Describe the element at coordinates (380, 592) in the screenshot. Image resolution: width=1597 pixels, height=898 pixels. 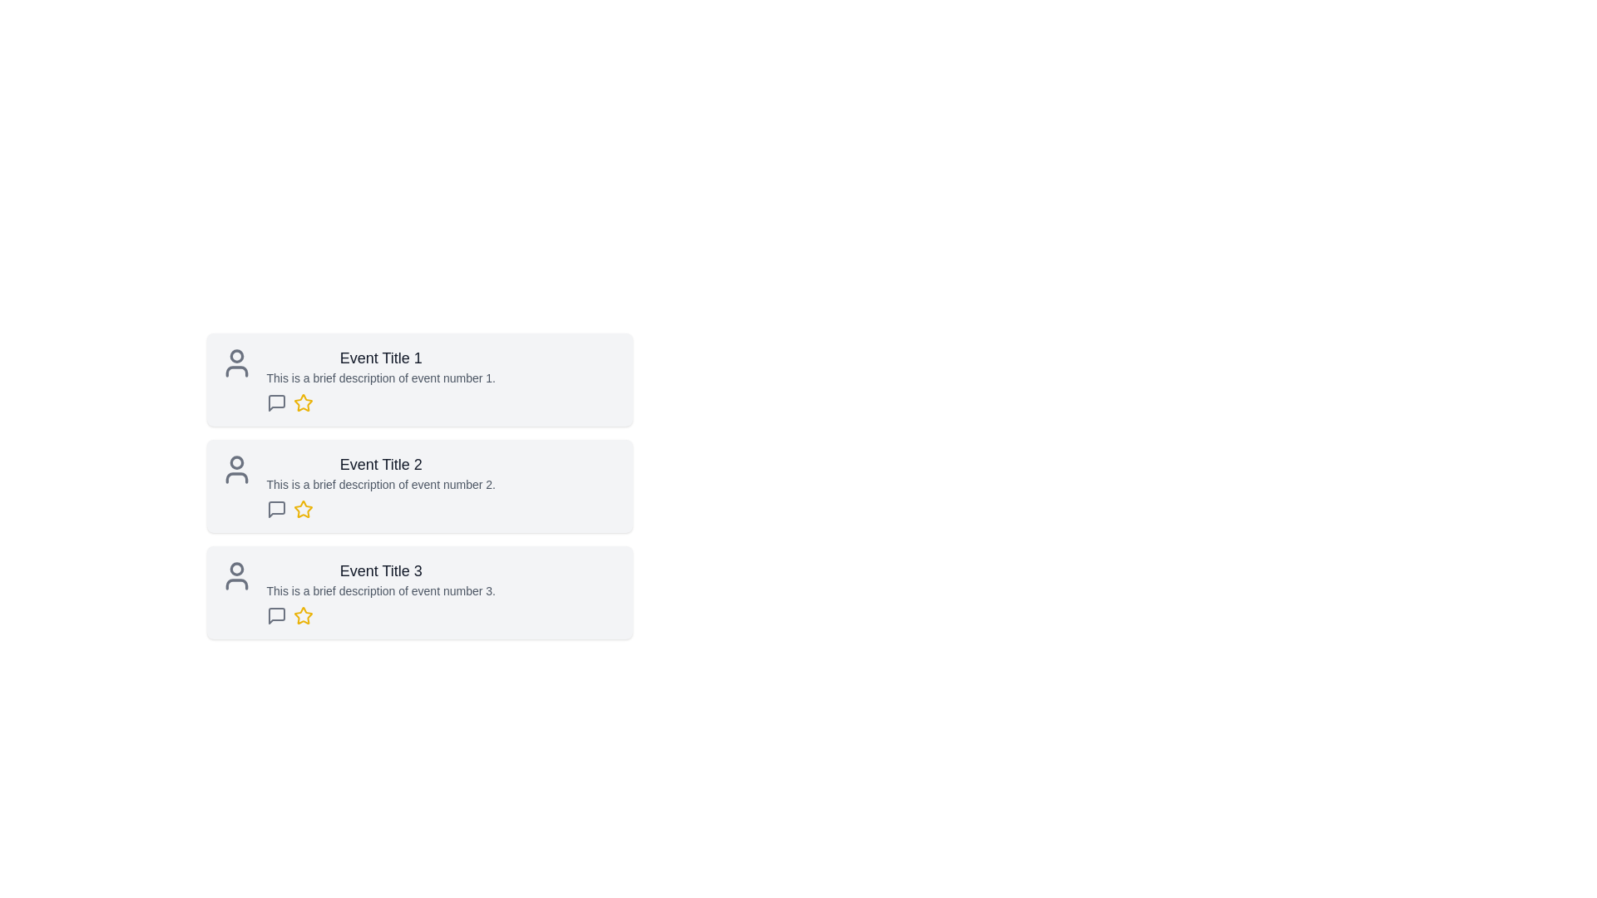
I see `text content of the element displaying 'Event Title 3' and its description in the third event card` at that location.